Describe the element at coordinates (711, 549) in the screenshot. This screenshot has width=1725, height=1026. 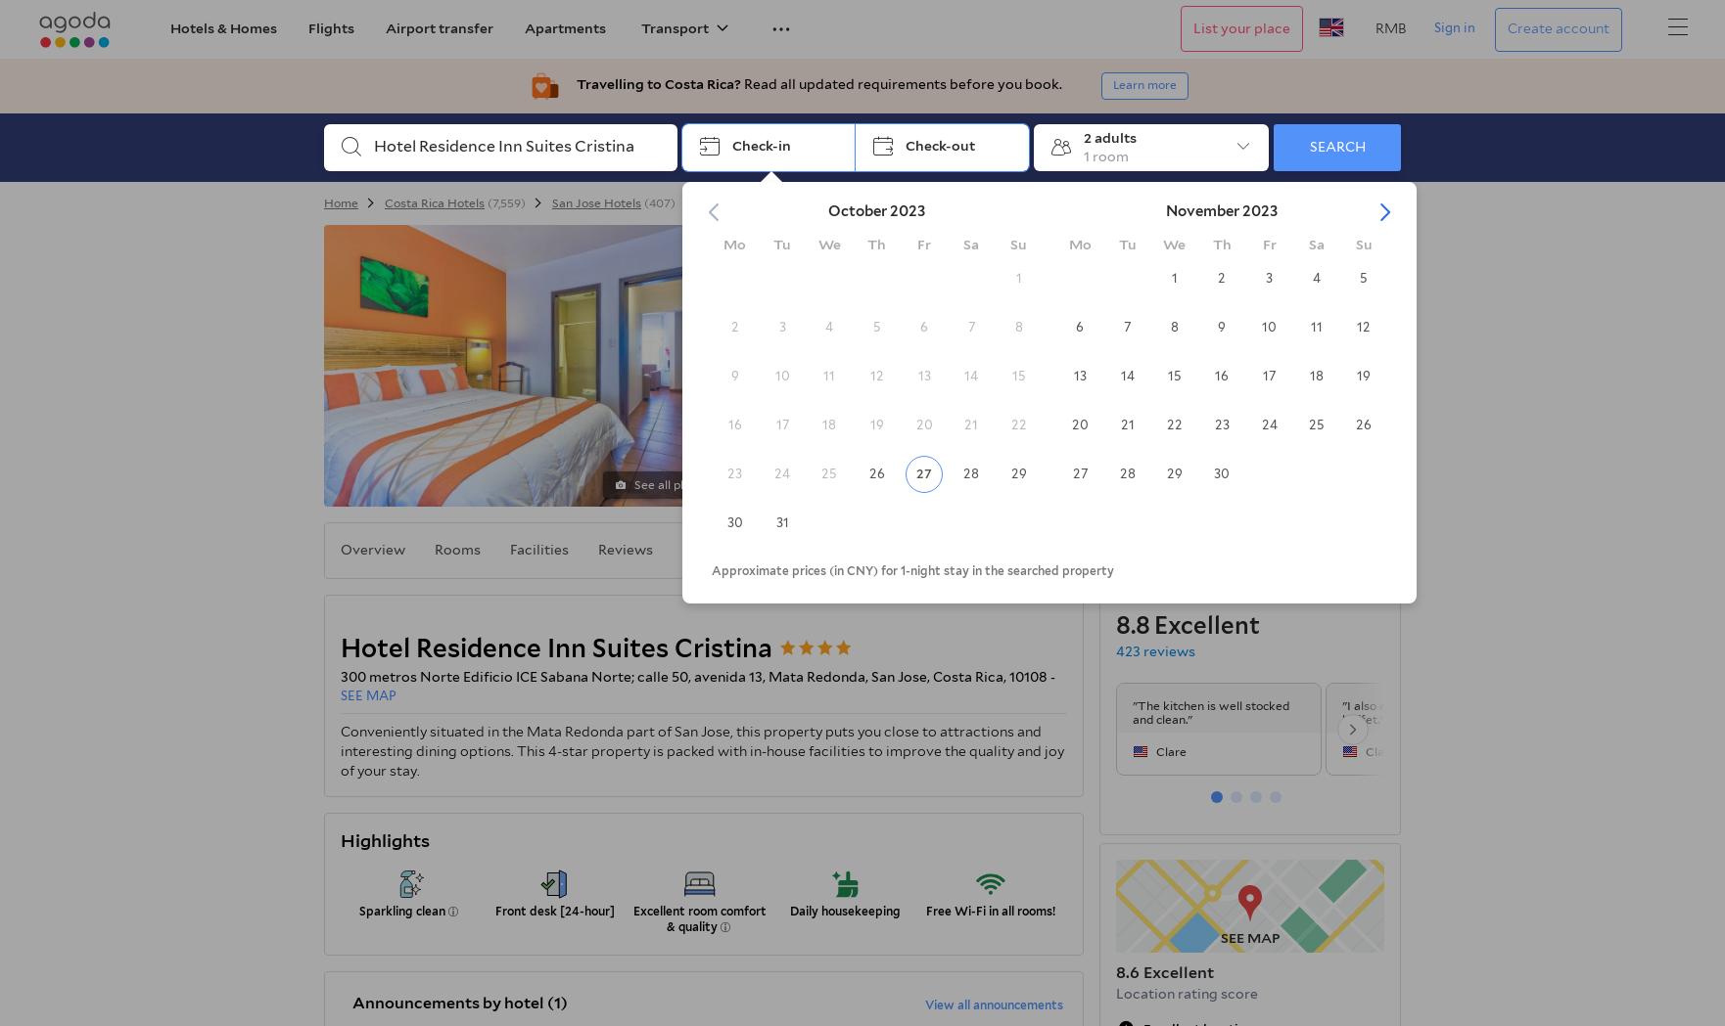
I see `'Location'` at that location.